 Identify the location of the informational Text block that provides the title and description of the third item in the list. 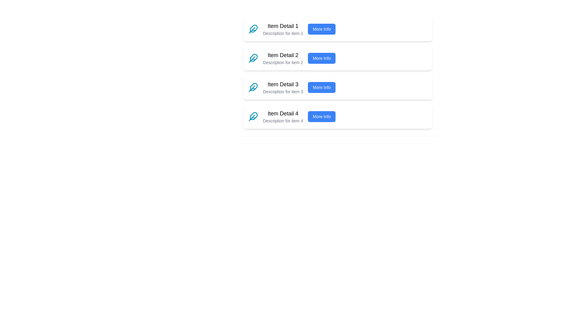
(283, 87).